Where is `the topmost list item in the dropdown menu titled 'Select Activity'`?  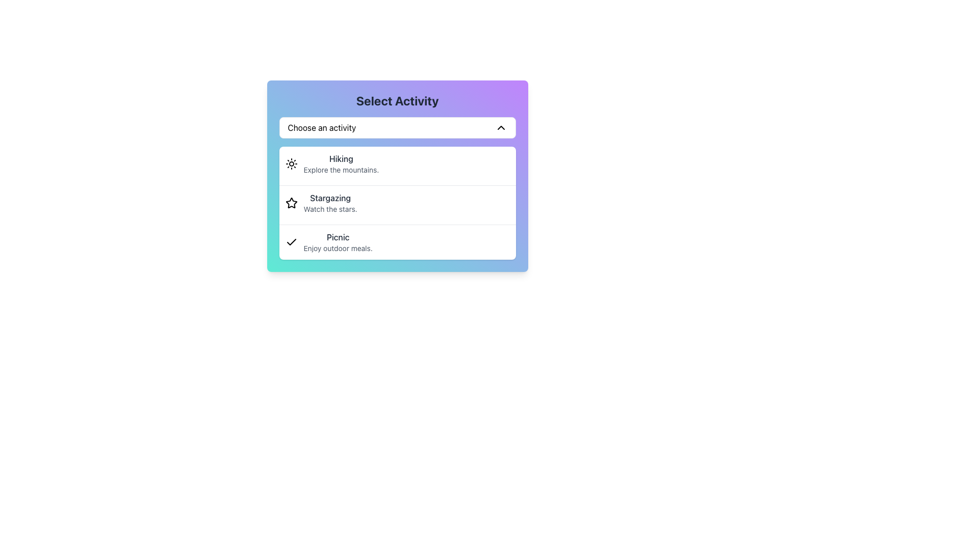 the topmost list item in the dropdown menu titled 'Select Activity' is located at coordinates (397, 163).